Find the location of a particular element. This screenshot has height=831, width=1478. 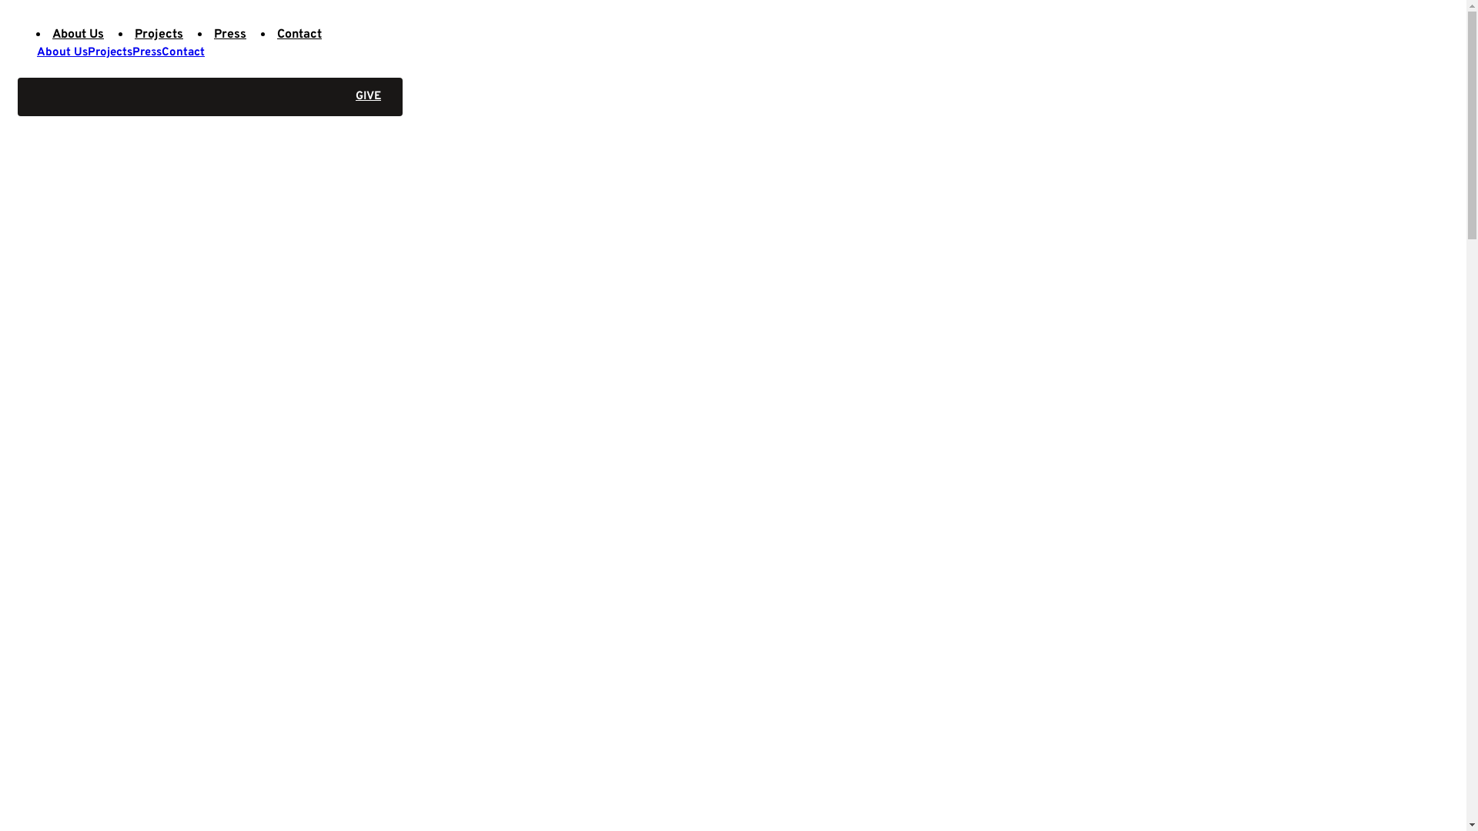

'Press' is located at coordinates (147, 52).